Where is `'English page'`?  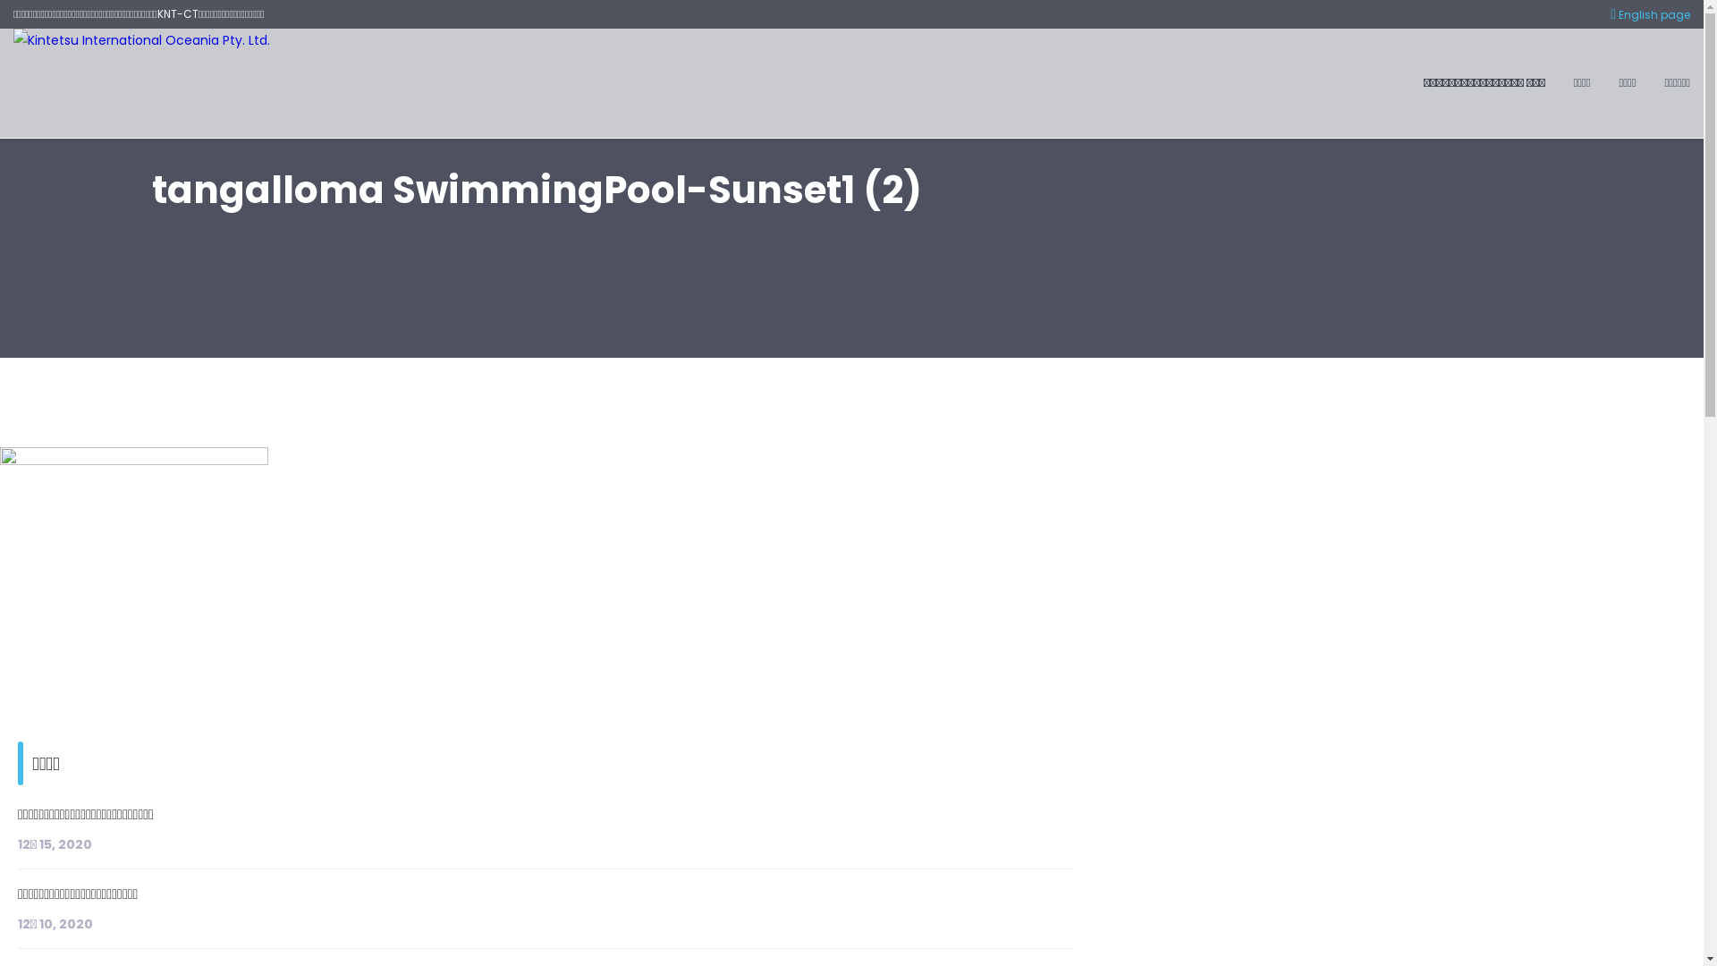 'English page' is located at coordinates (1649, 14).